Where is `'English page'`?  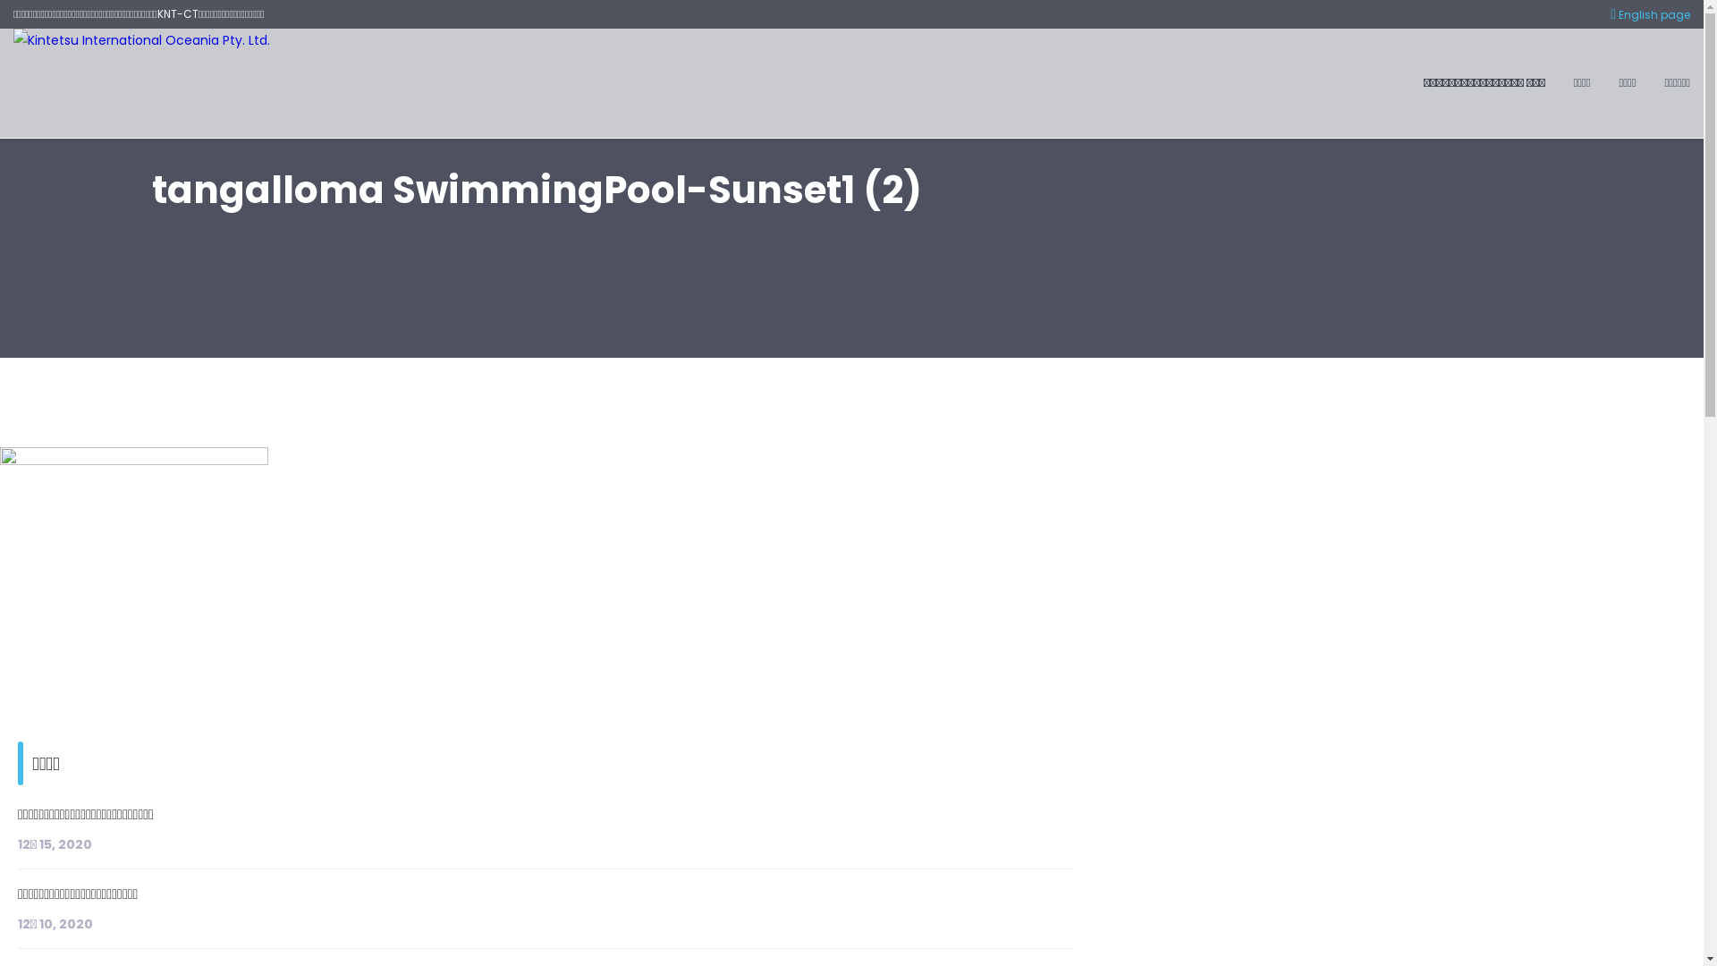 'English page' is located at coordinates (1649, 14).